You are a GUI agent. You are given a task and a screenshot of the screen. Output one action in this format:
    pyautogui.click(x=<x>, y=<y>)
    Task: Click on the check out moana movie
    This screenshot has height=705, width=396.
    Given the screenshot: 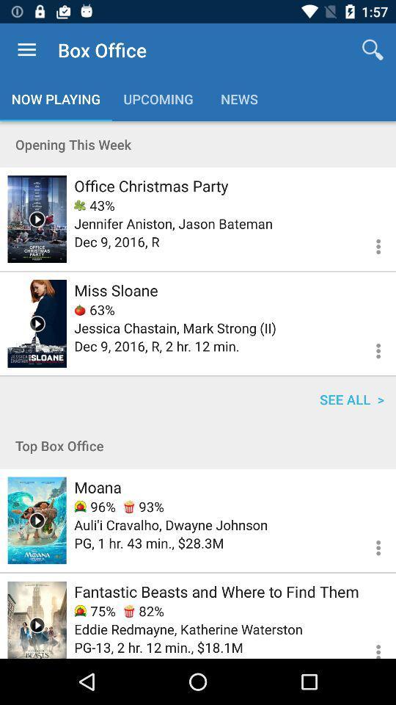 What is the action you would take?
    pyautogui.click(x=37, y=520)
    